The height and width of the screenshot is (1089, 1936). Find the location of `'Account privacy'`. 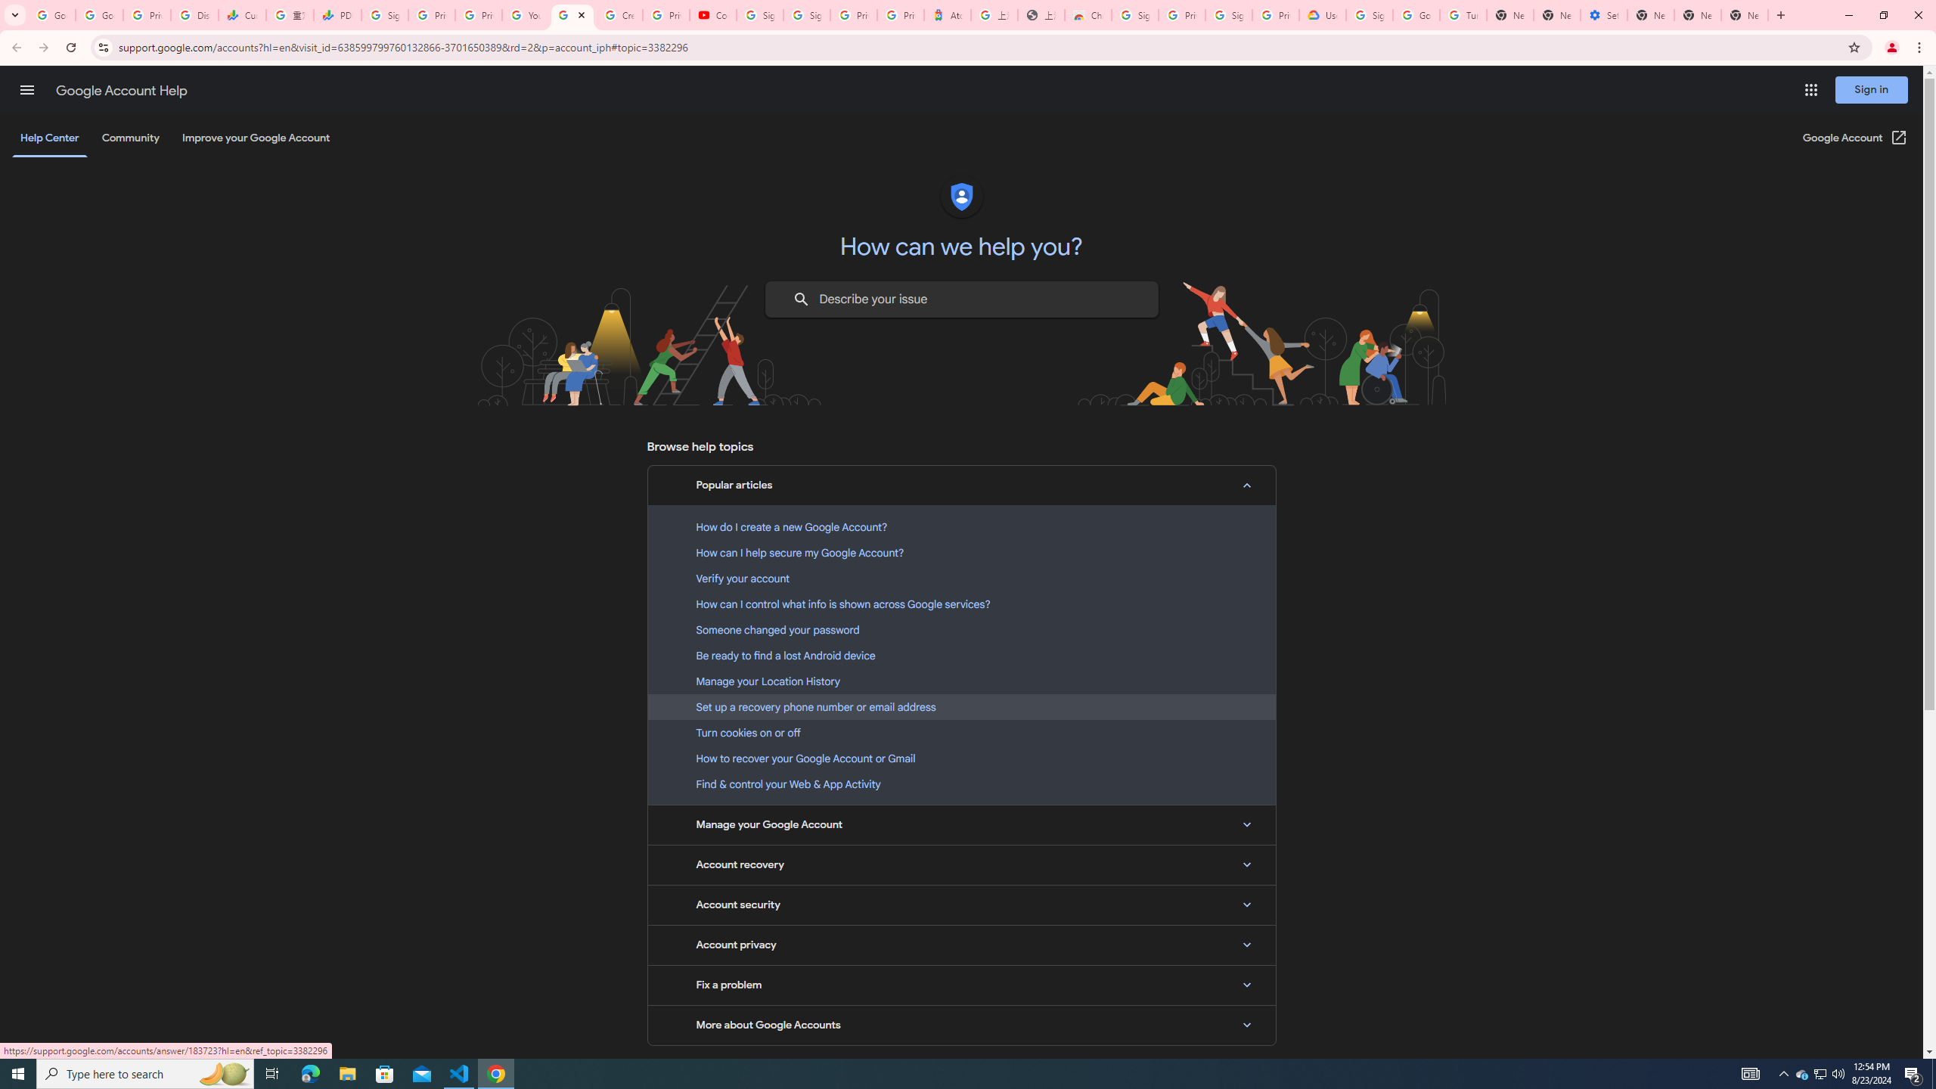

'Account privacy' is located at coordinates (961, 944).